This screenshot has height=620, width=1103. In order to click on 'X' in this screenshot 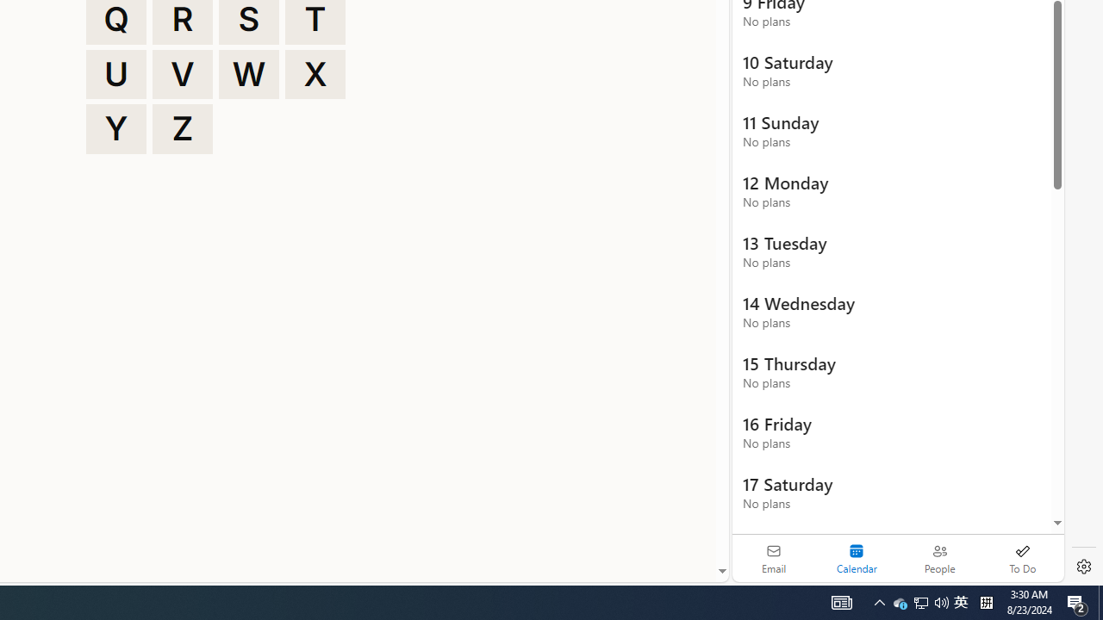, I will do `click(315, 73)`.